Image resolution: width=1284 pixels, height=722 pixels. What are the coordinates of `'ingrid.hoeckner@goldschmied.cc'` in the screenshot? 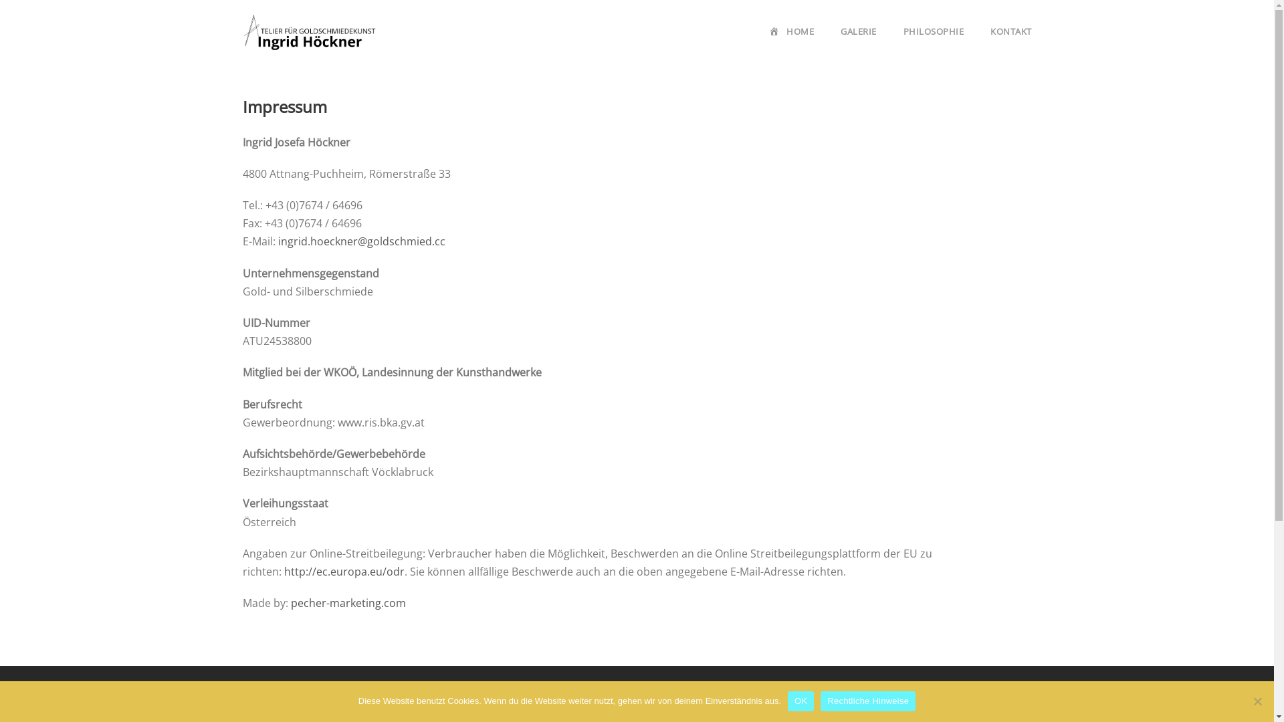 It's located at (362, 241).